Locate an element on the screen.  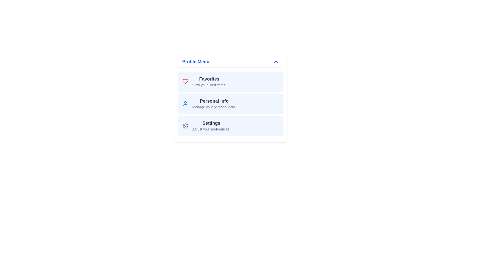
the 'Personal Info' navigation menu entry is located at coordinates (214, 103).